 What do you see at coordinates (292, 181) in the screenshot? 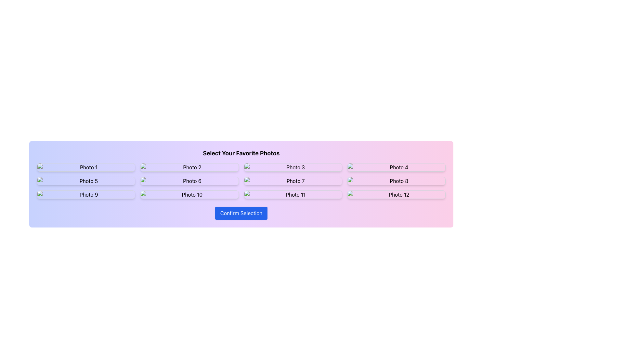
I see `the selectable card located in the second row and third column of the grid layout` at bounding box center [292, 181].